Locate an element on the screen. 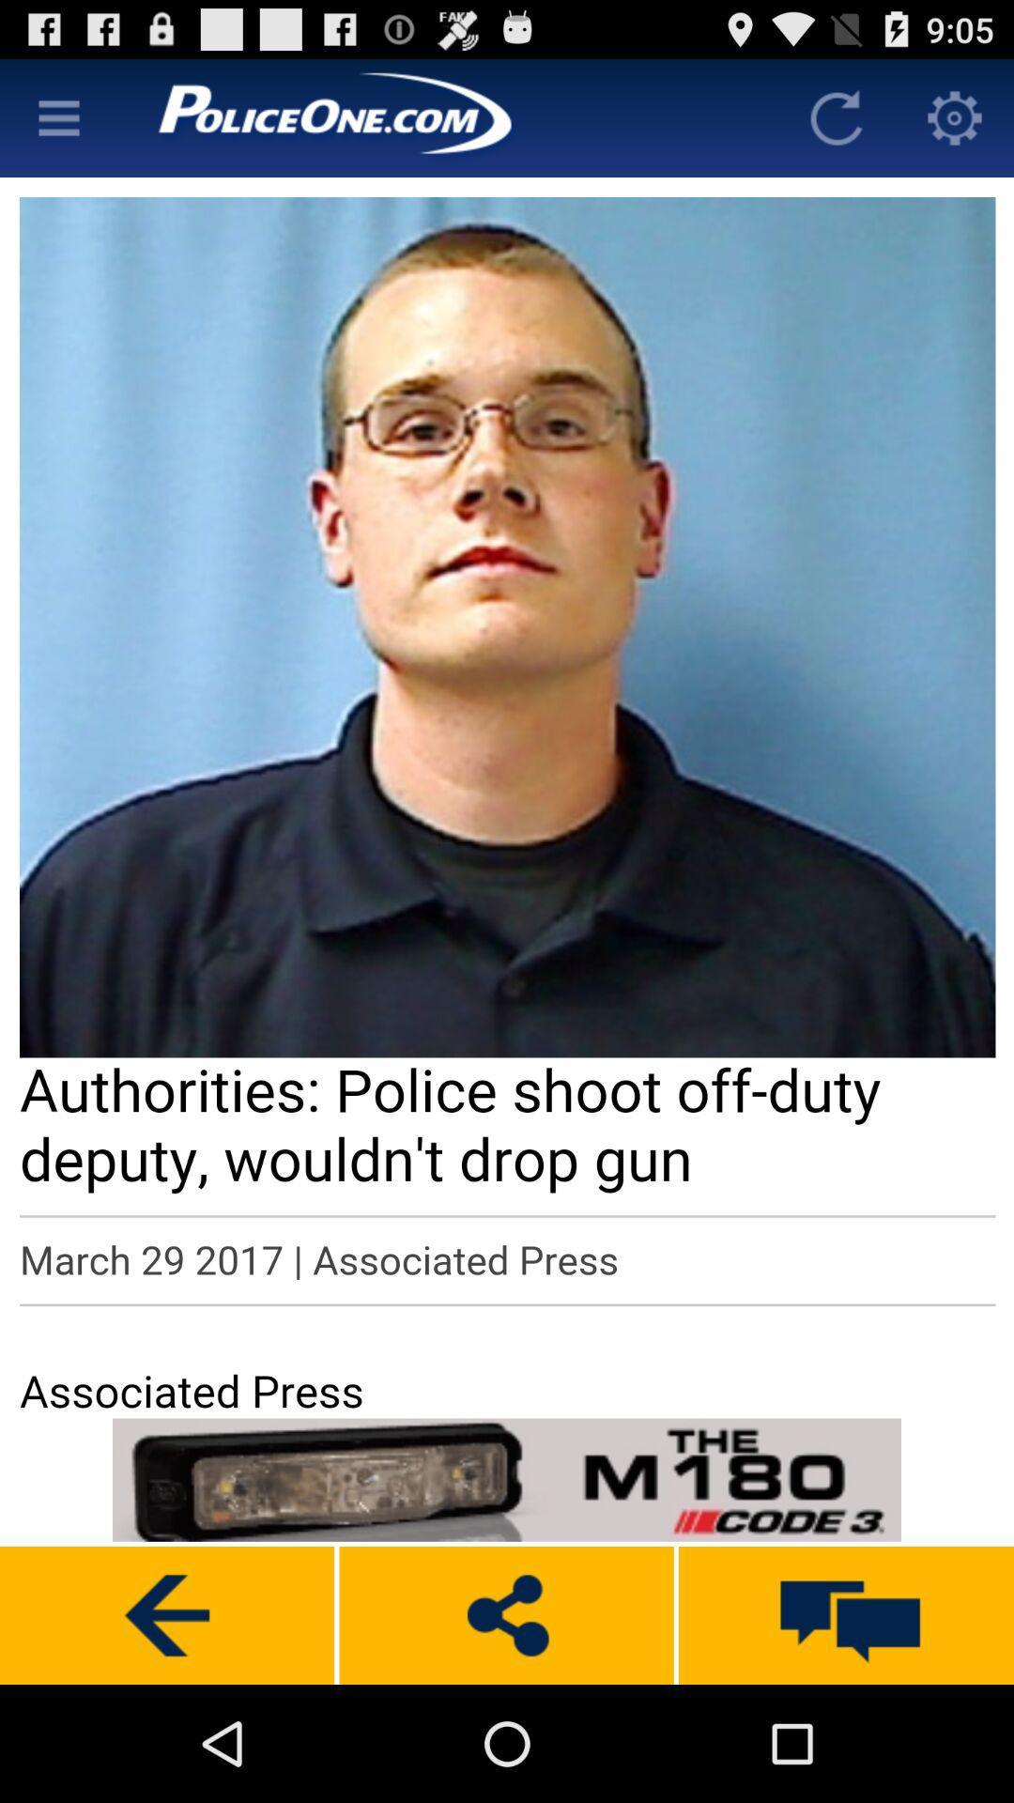  the menu icon is located at coordinates (57, 125).